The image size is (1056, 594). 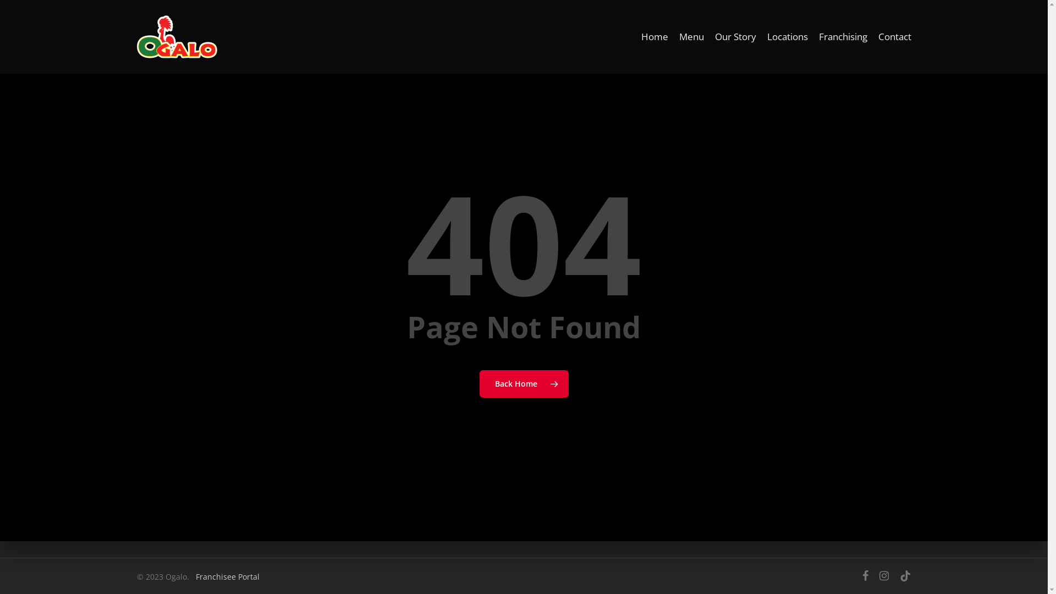 What do you see at coordinates (690, 36) in the screenshot?
I see `'Menu'` at bounding box center [690, 36].